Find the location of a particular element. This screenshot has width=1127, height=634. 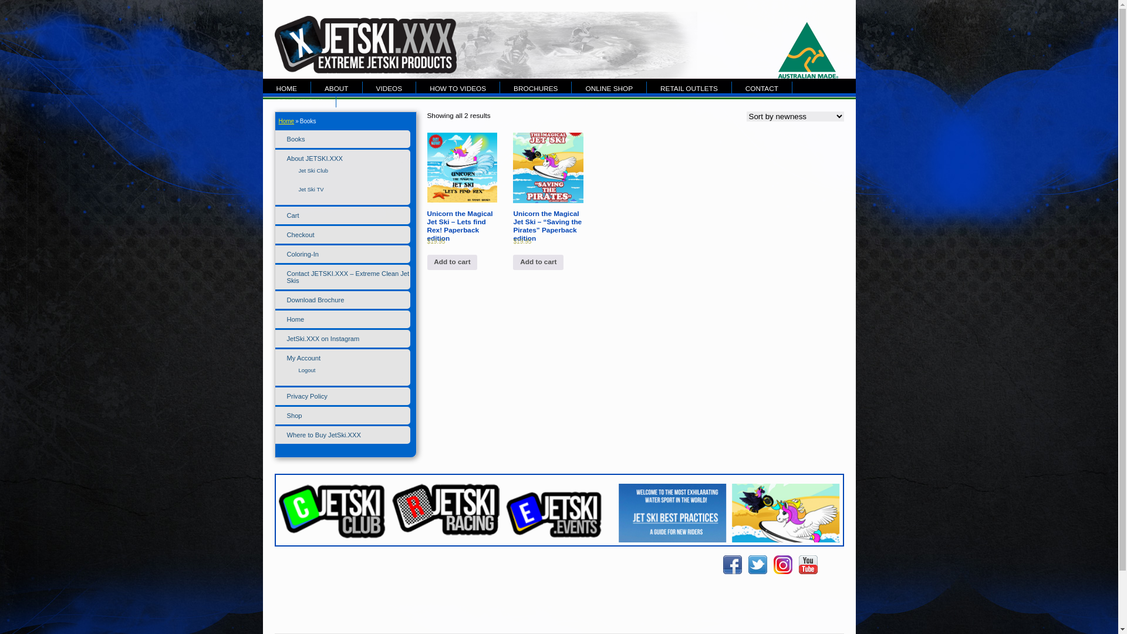

'Download Brochure' is located at coordinates (315, 299).